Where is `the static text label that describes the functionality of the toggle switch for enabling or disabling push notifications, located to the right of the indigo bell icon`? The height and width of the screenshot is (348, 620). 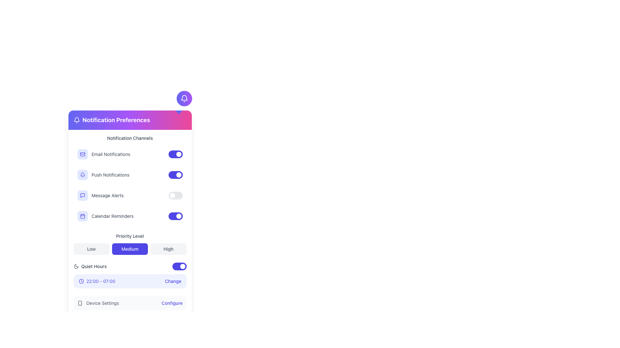
the static text label that describes the functionality of the toggle switch for enabling or disabling push notifications, located to the right of the indigo bell icon is located at coordinates (110, 175).